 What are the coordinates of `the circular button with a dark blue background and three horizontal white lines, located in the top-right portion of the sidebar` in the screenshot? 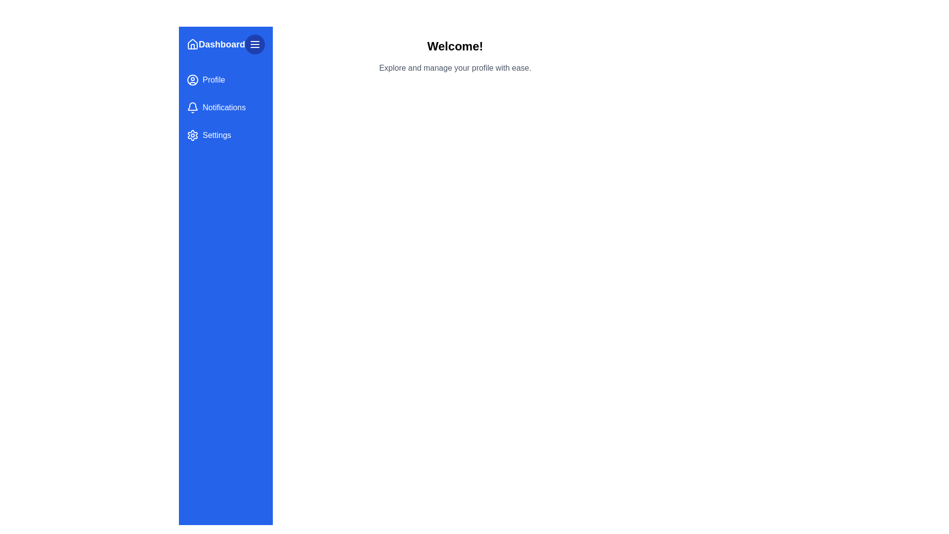 It's located at (255, 44).